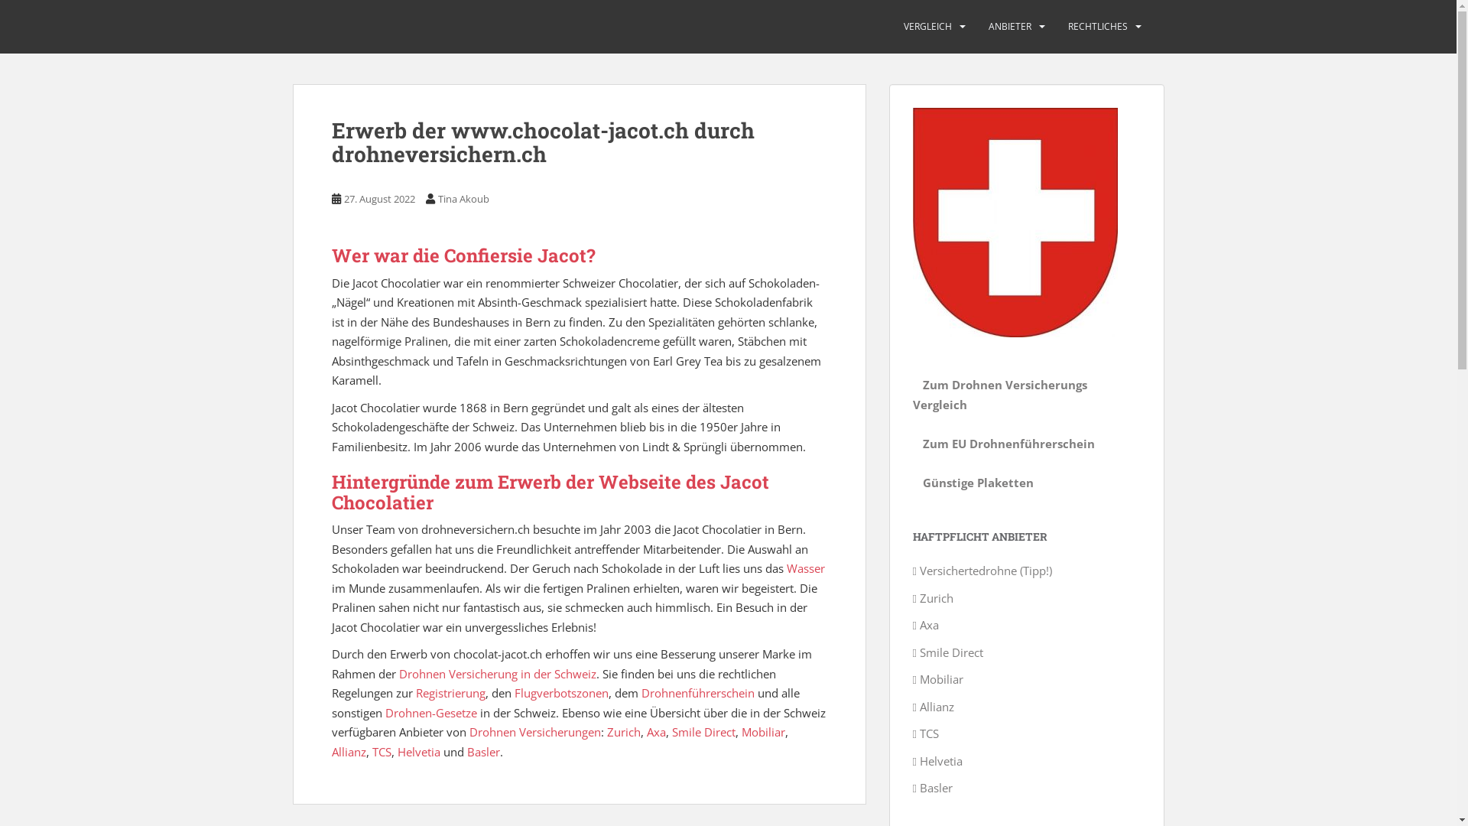 This screenshot has height=826, width=1468. Describe the element at coordinates (379, 197) in the screenshot. I see `'27. August 2022'` at that location.